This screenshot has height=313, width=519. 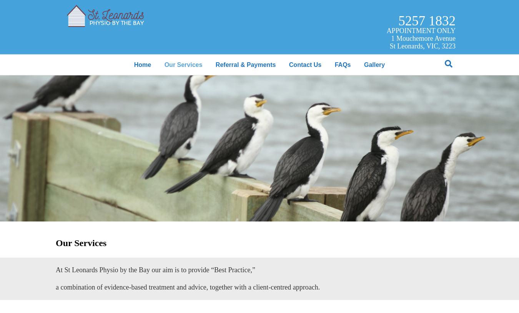 I want to click on 'Home', so click(x=142, y=64).